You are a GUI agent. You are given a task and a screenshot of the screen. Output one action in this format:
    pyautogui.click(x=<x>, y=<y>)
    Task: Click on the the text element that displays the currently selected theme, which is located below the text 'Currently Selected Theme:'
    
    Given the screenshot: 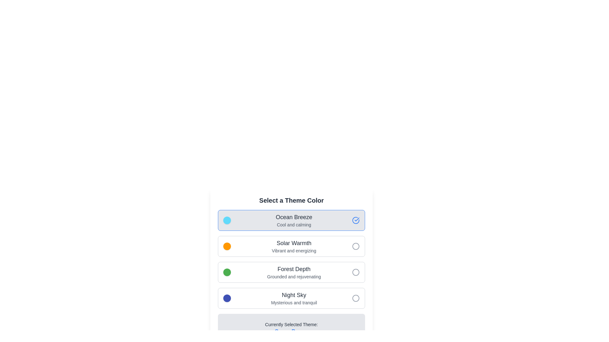 What is the action you would take?
    pyautogui.click(x=291, y=331)
    